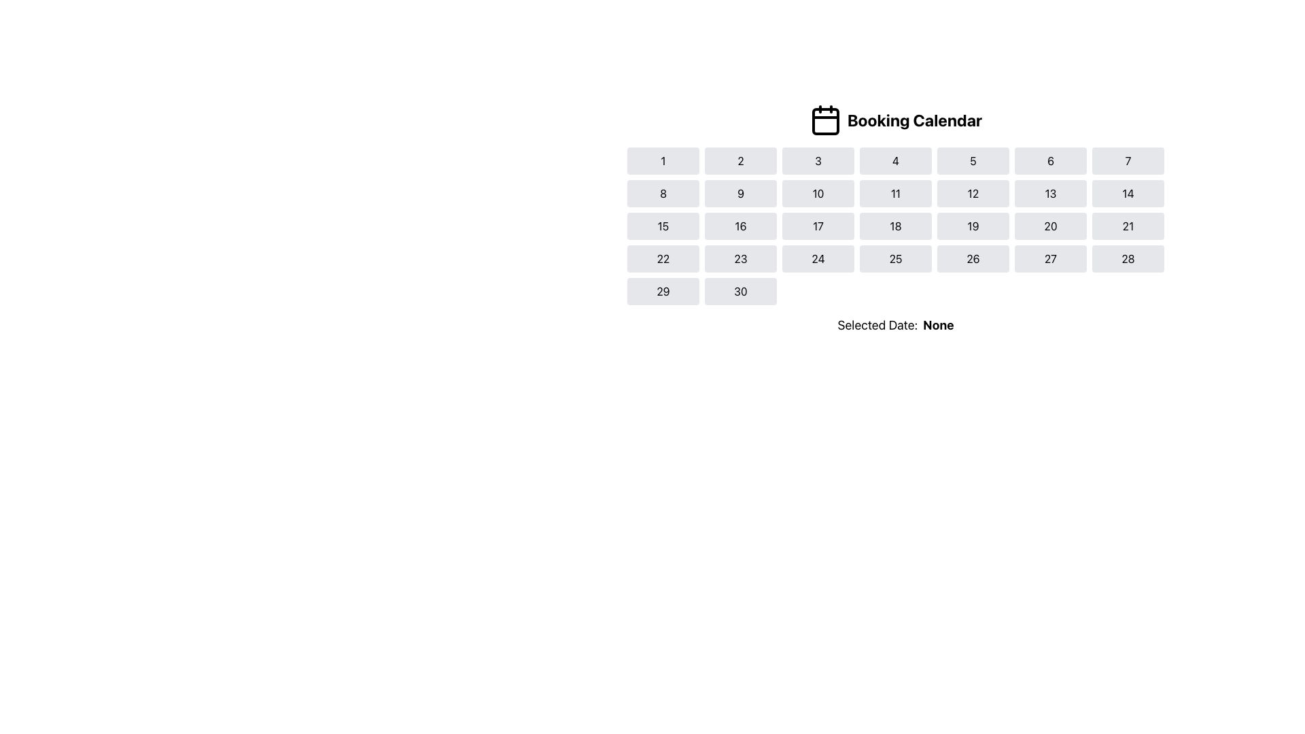  What do you see at coordinates (818, 160) in the screenshot?
I see `the button displaying the number '3', which is styled with a light gray background and rounded corners, to observe its hover effects` at bounding box center [818, 160].